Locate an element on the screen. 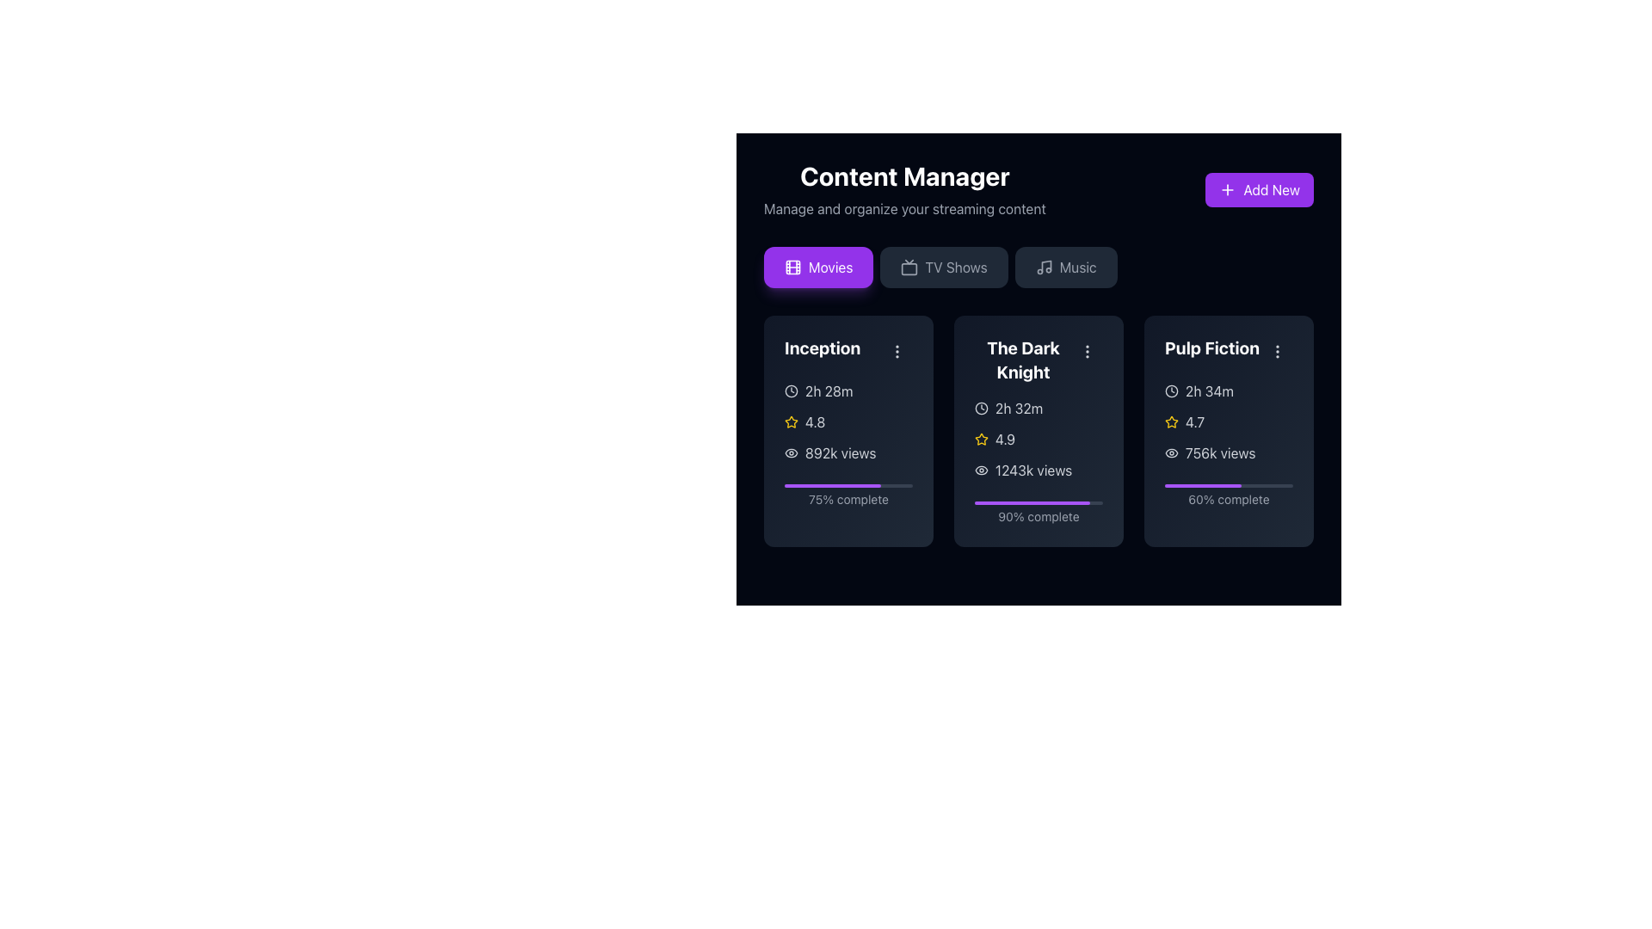 This screenshot has height=929, width=1652. the view counter displaying '892k views' with an eye icon, which is located beneath the rating '4.8' and above the progress bar '75% complete' in the card for 'Inception' is located at coordinates (848, 452).